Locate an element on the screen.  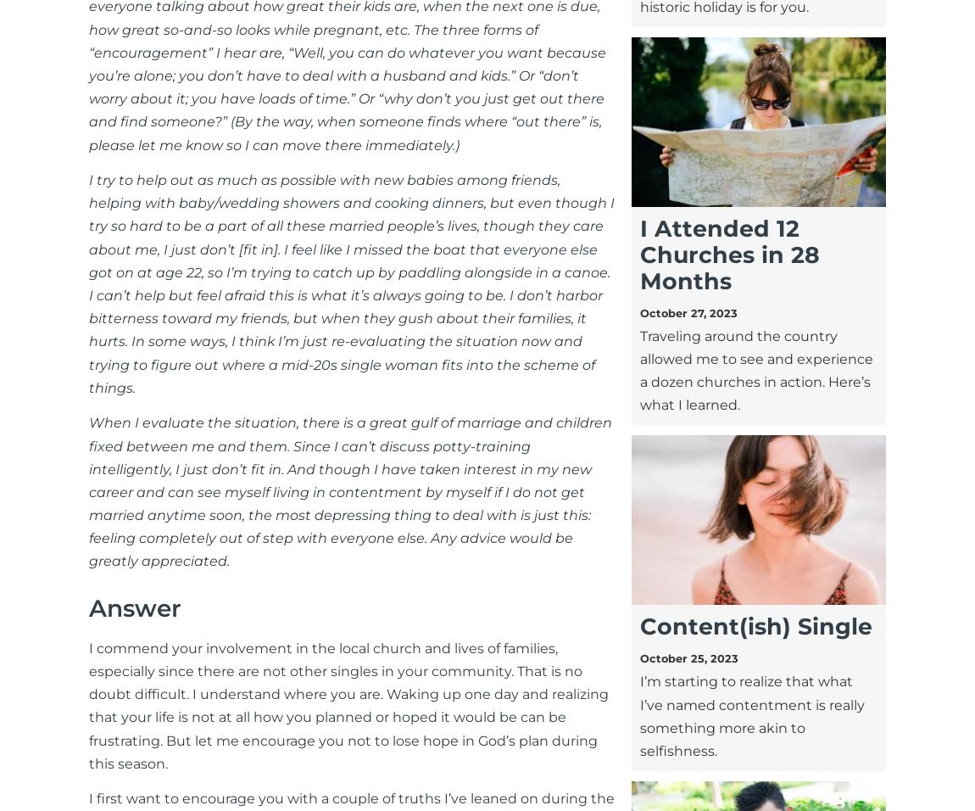
'I commend your involvement in the local church and lives of families, especially since there are not other singles in your community. That is no doubt difficult. I understand where you are. Waking up one day and realizing that your life is not at all how you planned or hoped it would be can be frustrating. But let me encourage you not to lose hope in God’s plan during this season.' is located at coordinates (348, 704).